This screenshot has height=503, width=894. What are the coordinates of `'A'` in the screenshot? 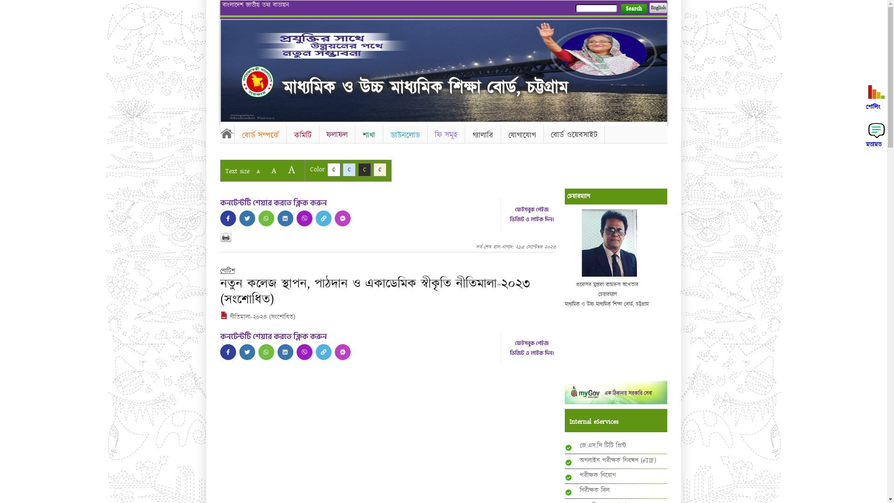 It's located at (273, 170).